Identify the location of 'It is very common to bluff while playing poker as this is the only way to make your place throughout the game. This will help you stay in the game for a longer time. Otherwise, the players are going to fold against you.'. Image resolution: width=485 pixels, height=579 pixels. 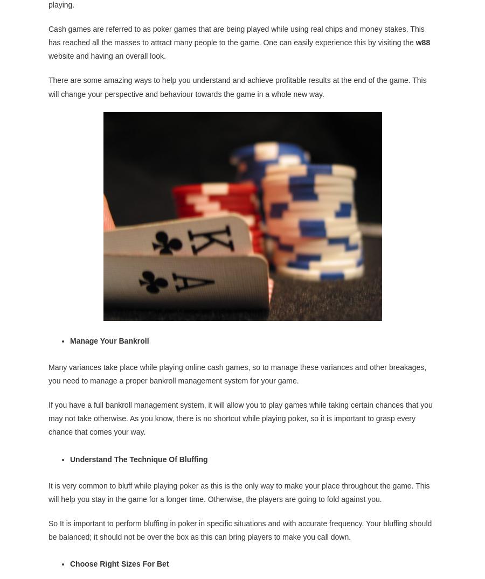
(239, 491).